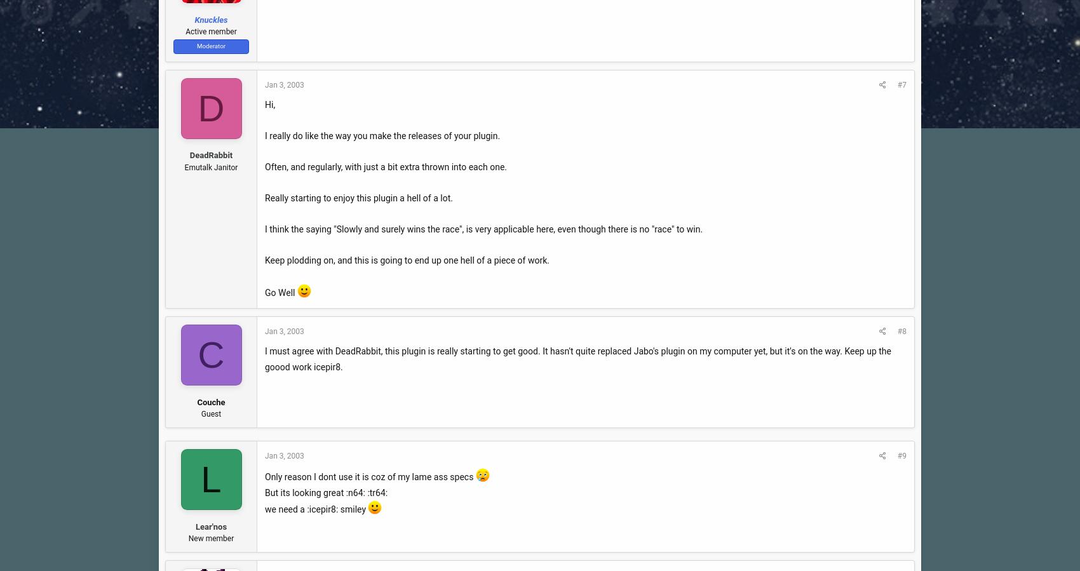 This screenshot has width=1080, height=571. Describe the element at coordinates (210, 18) in the screenshot. I see `'Knuckles'` at that location.